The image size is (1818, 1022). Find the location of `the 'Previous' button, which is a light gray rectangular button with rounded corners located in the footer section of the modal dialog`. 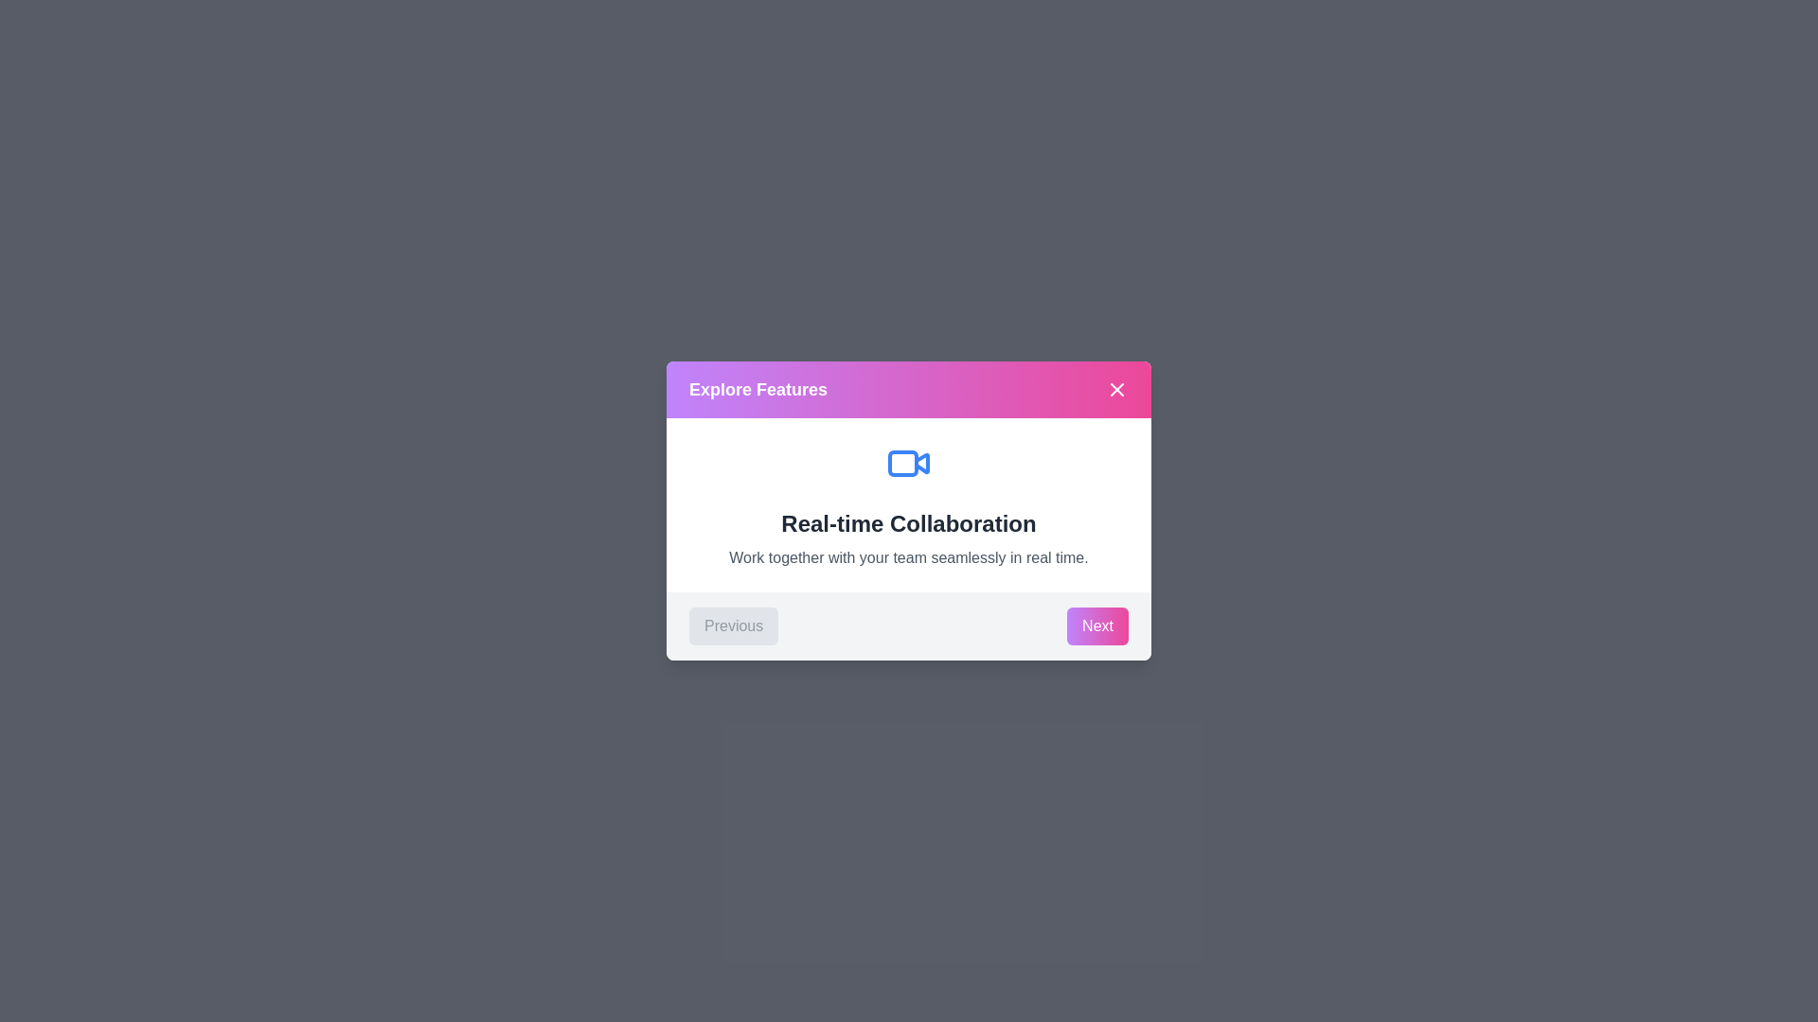

the 'Previous' button, which is a light gray rectangular button with rounded corners located in the footer section of the modal dialog is located at coordinates (733, 626).